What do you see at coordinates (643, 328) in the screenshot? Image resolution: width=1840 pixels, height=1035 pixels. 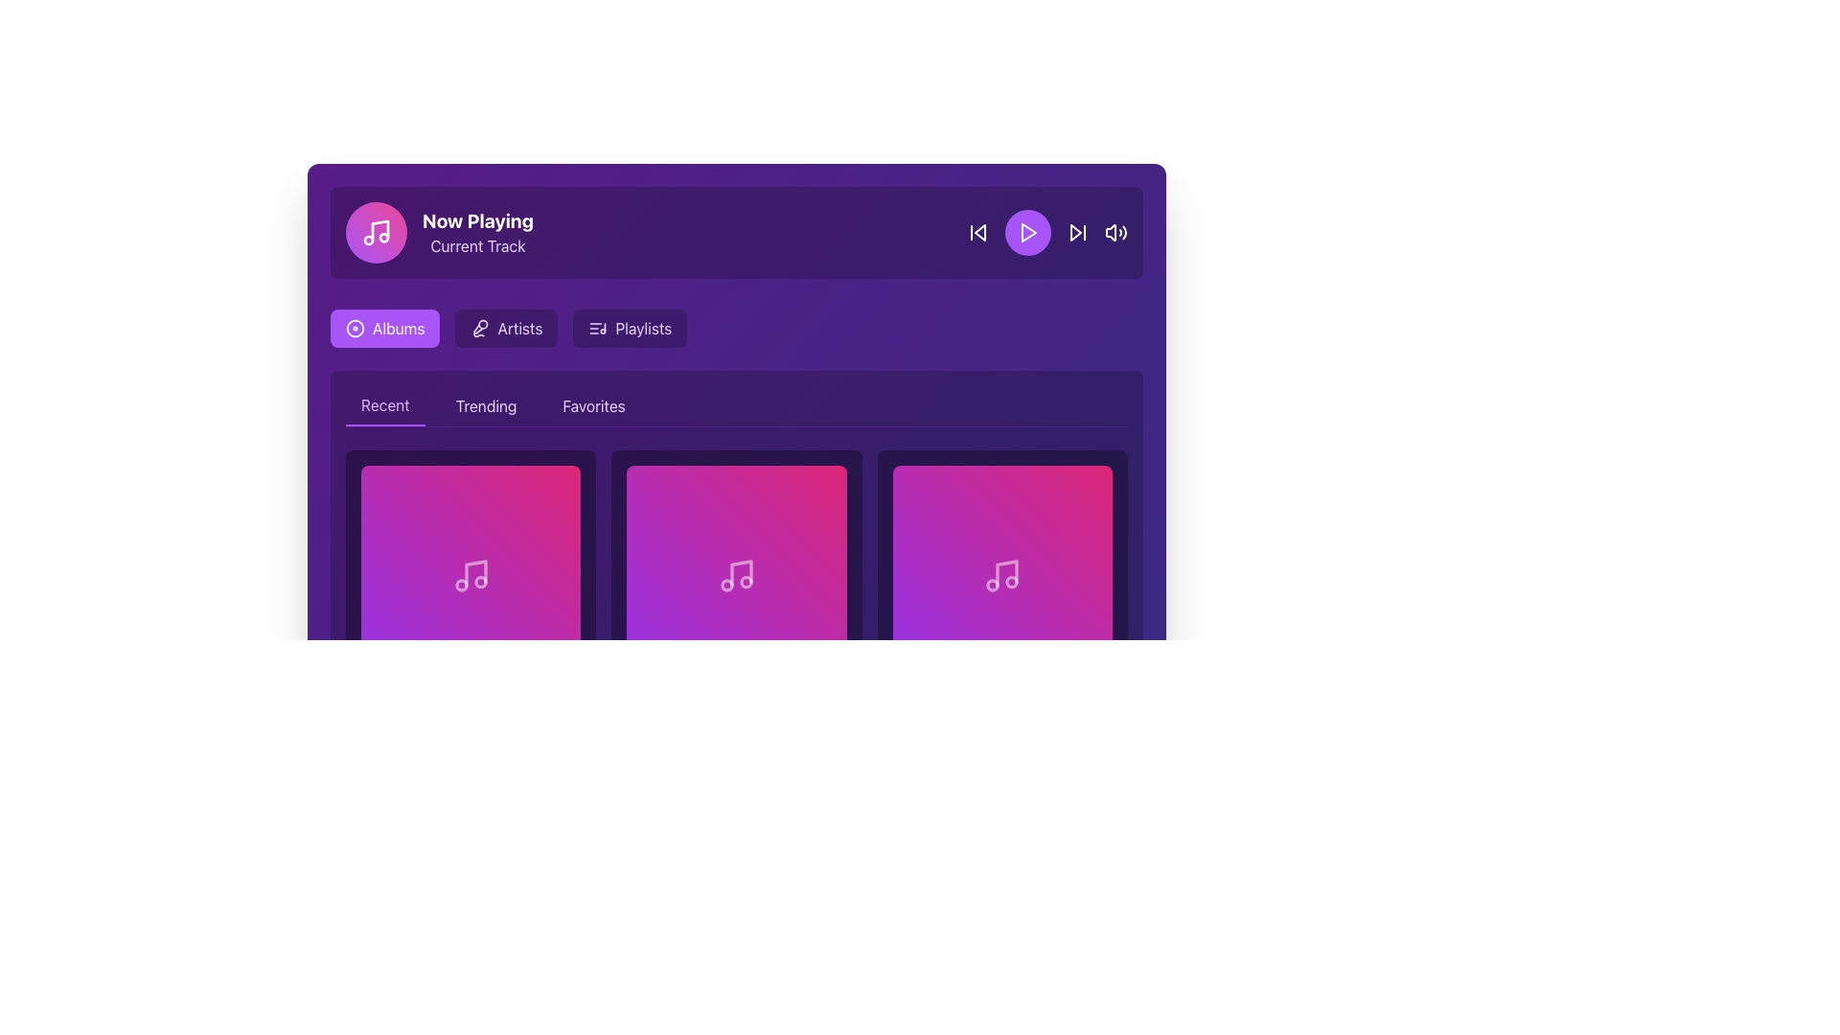 I see `the Text Label within the Button located in the horizontal navigation bar, which serves as a navigation option for accessing the playlists section` at bounding box center [643, 328].